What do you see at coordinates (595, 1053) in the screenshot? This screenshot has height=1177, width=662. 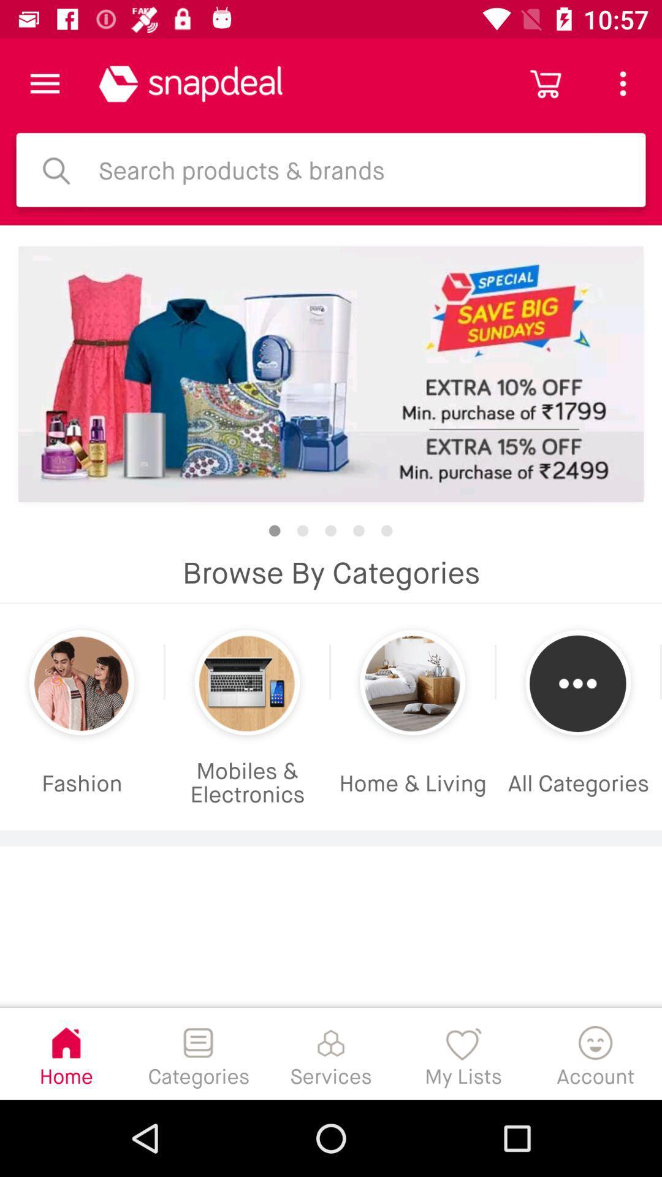 I see `the account item` at bounding box center [595, 1053].